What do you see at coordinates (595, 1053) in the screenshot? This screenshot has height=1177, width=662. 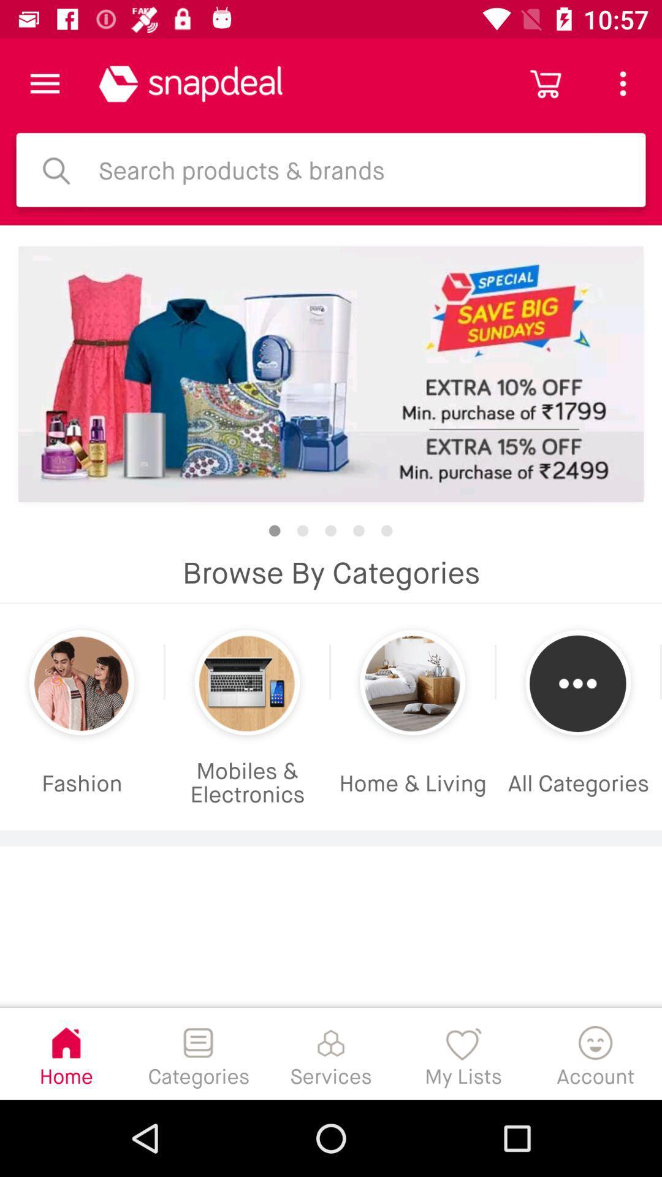 I see `the account item` at bounding box center [595, 1053].